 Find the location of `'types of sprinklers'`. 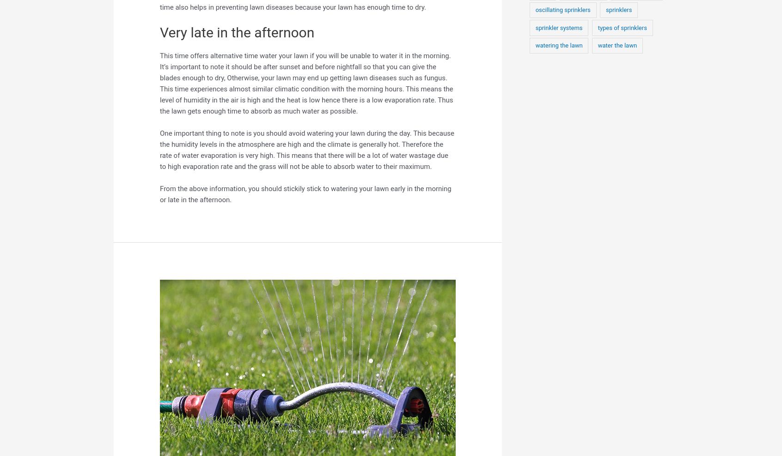

'types of sprinklers' is located at coordinates (622, 27).